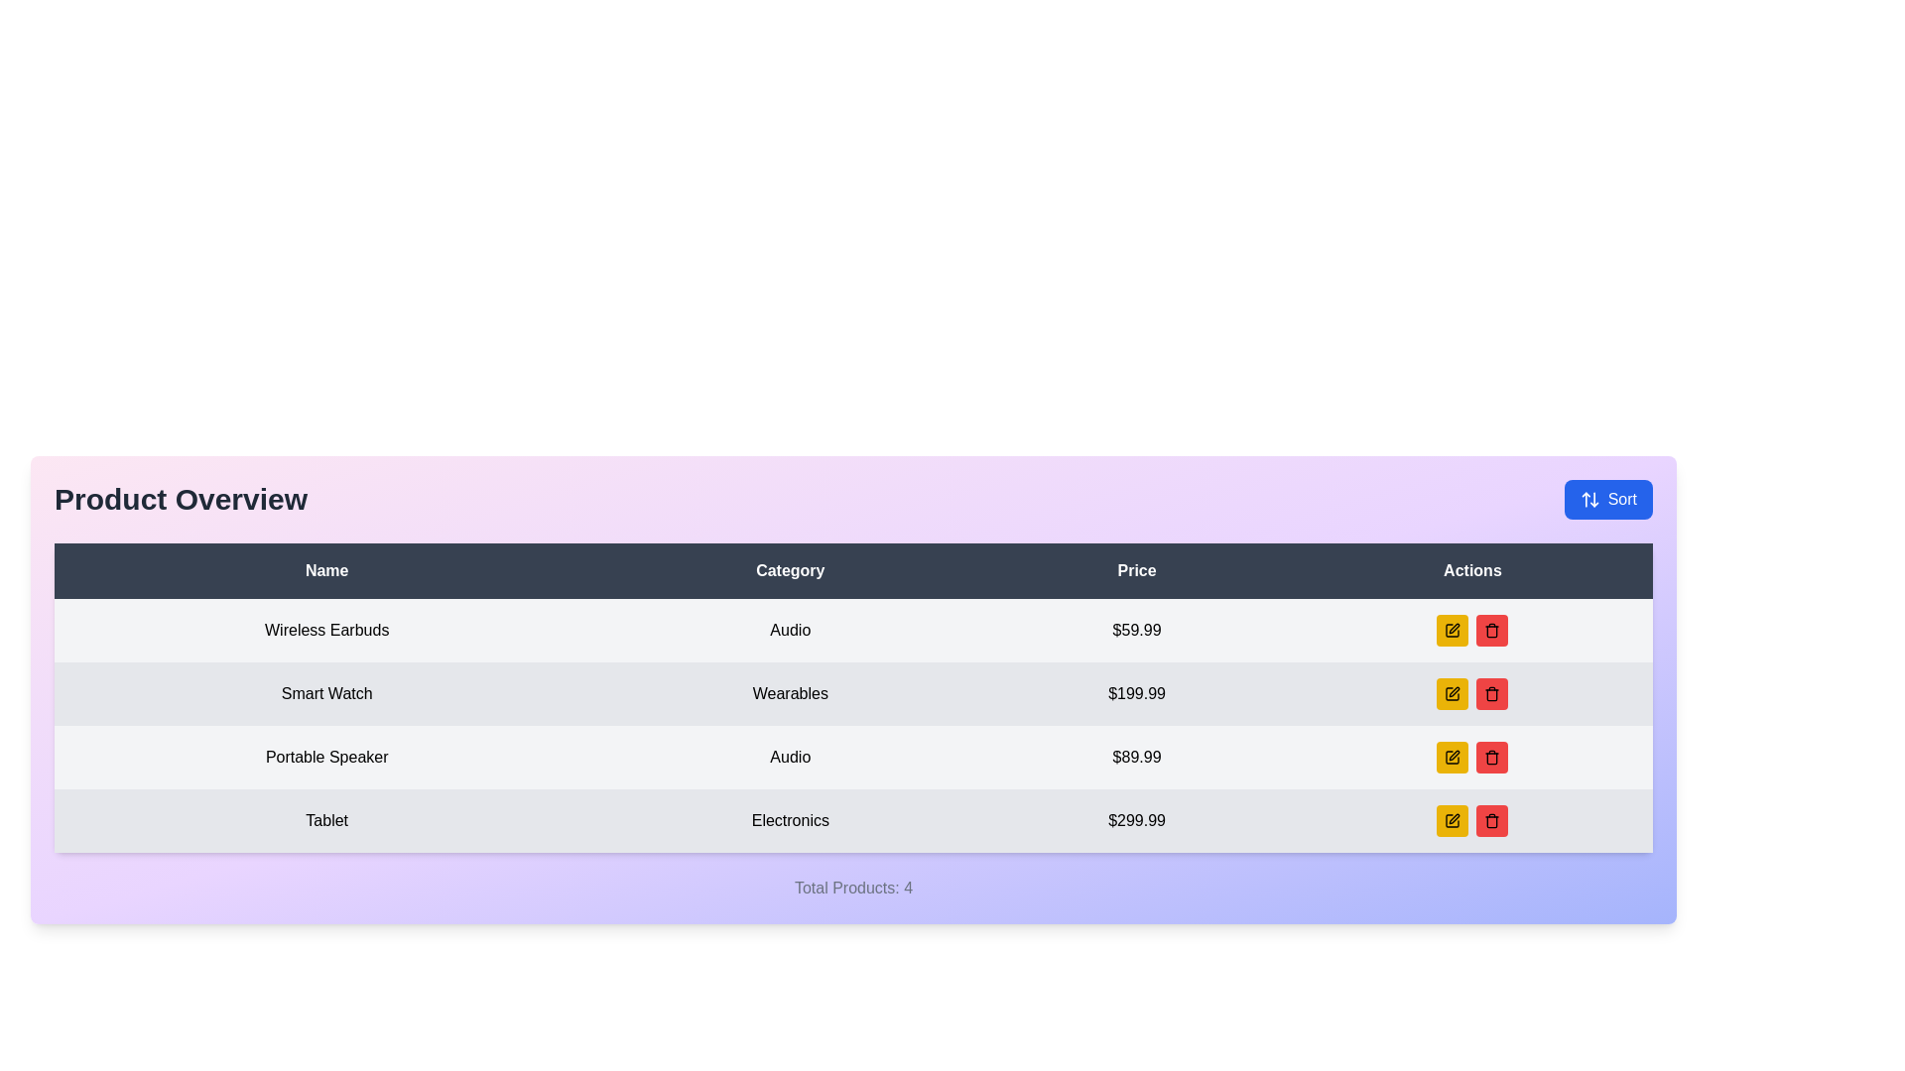 The width and height of the screenshot is (1905, 1071). What do you see at coordinates (1492, 757) in the screenshot?
I see `the vibrant red rounded rectangle button with a trash can icon in the fourth row of the 'Actions' column, which is the second button in that row` at bounding box center [1492, 757].